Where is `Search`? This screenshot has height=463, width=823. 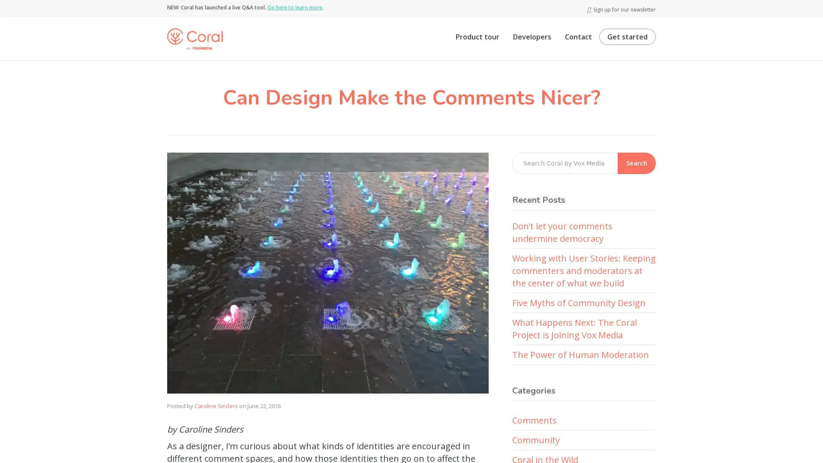
Search is located at coordinates (637, 163).